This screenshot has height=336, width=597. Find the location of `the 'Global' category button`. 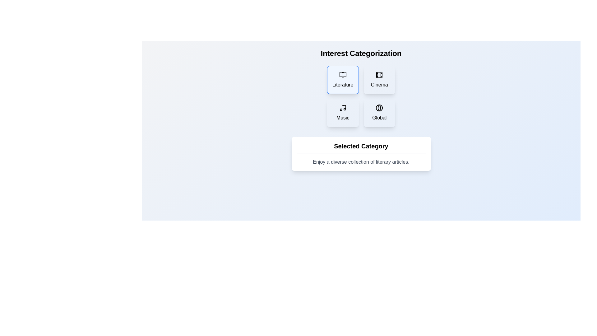

the 'Global' category button is located at coordinates (379, 113).